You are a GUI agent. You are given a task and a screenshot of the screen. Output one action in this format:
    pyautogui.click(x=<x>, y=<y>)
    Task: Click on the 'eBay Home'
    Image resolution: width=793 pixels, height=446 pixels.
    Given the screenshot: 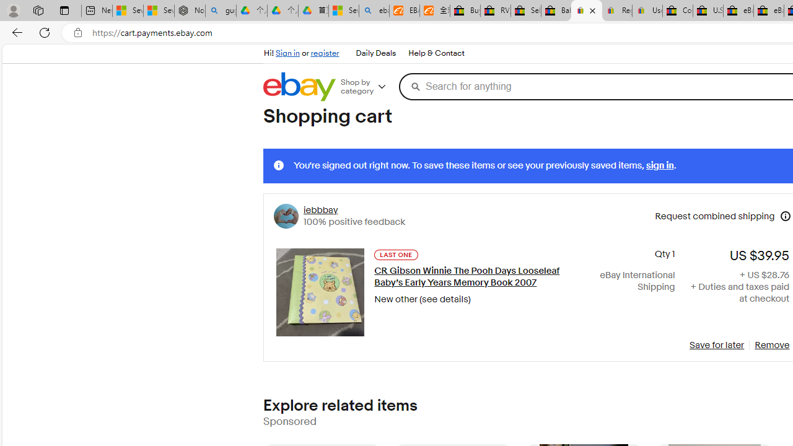 What is the action you would take?
    pyautogui.click(x=299, y=86)
    